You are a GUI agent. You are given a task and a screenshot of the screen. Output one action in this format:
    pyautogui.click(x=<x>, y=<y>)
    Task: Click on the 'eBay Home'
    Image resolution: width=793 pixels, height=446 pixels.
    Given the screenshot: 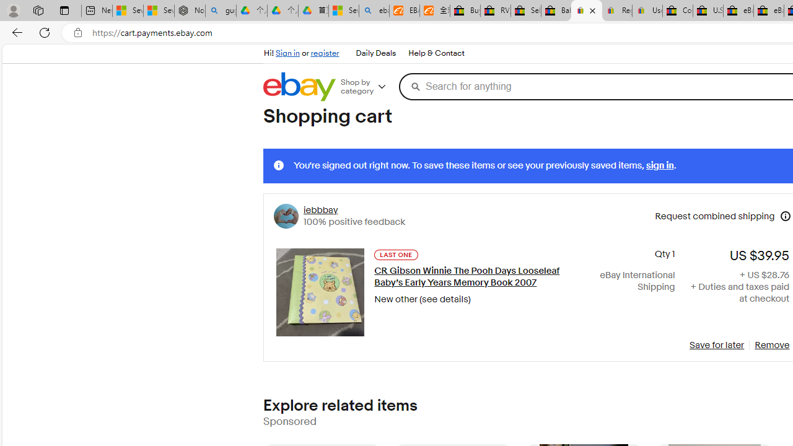 What is the action you would take?
    pyautogui.click(x=299, y=86)
    